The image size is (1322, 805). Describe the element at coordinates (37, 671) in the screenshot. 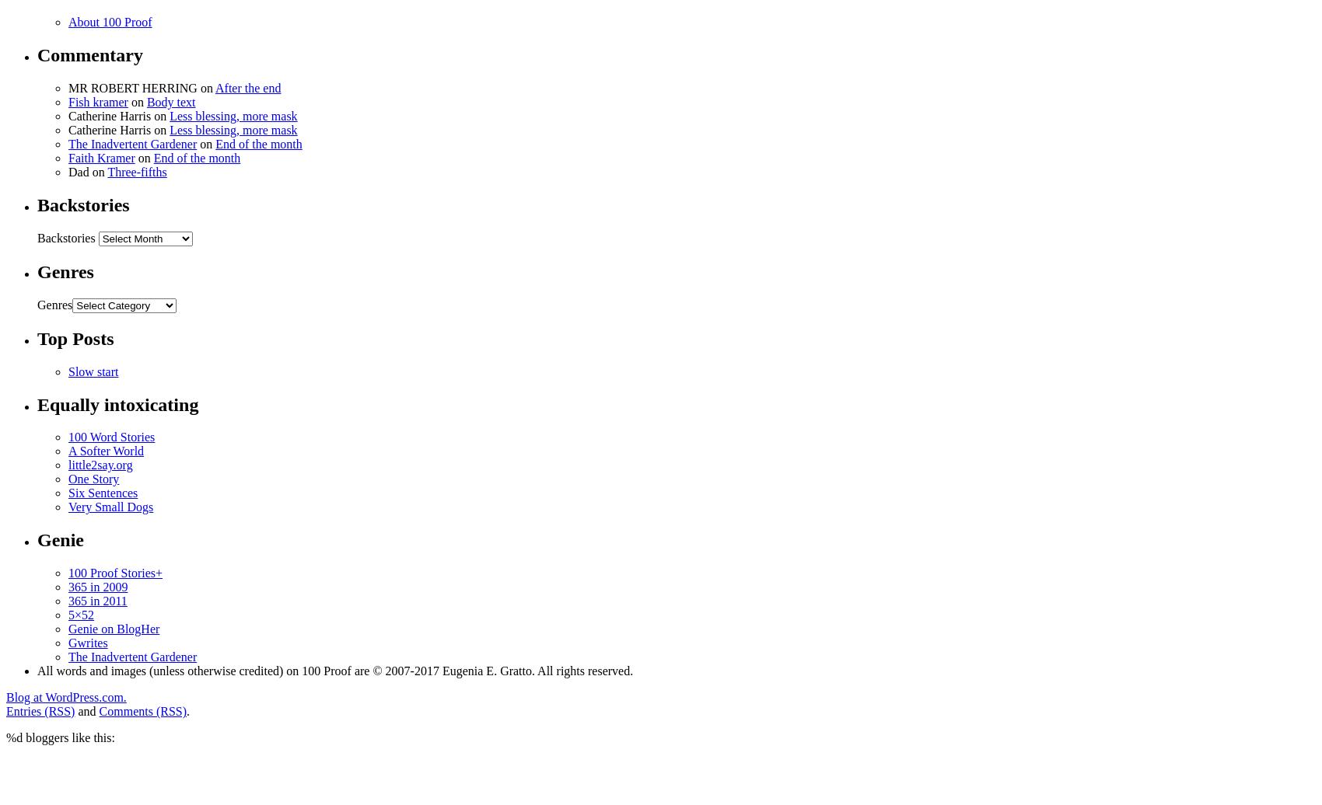

I see `'All words and images (unless otherwise credited) on 100 Proof are © 2007-2017 Eugenia E. Gratto. All rights reserved.'` at that location.